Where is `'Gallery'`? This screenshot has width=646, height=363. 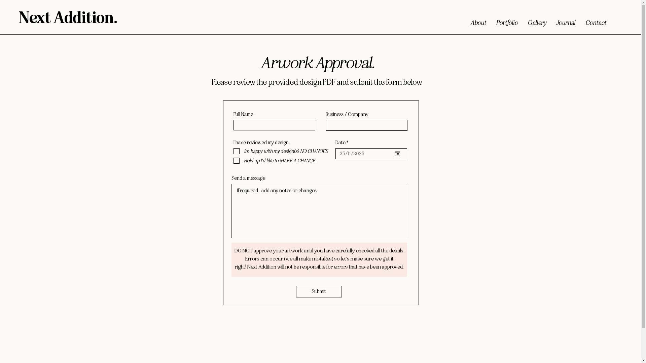 'Gallery' is located at coordinates (537, 21).